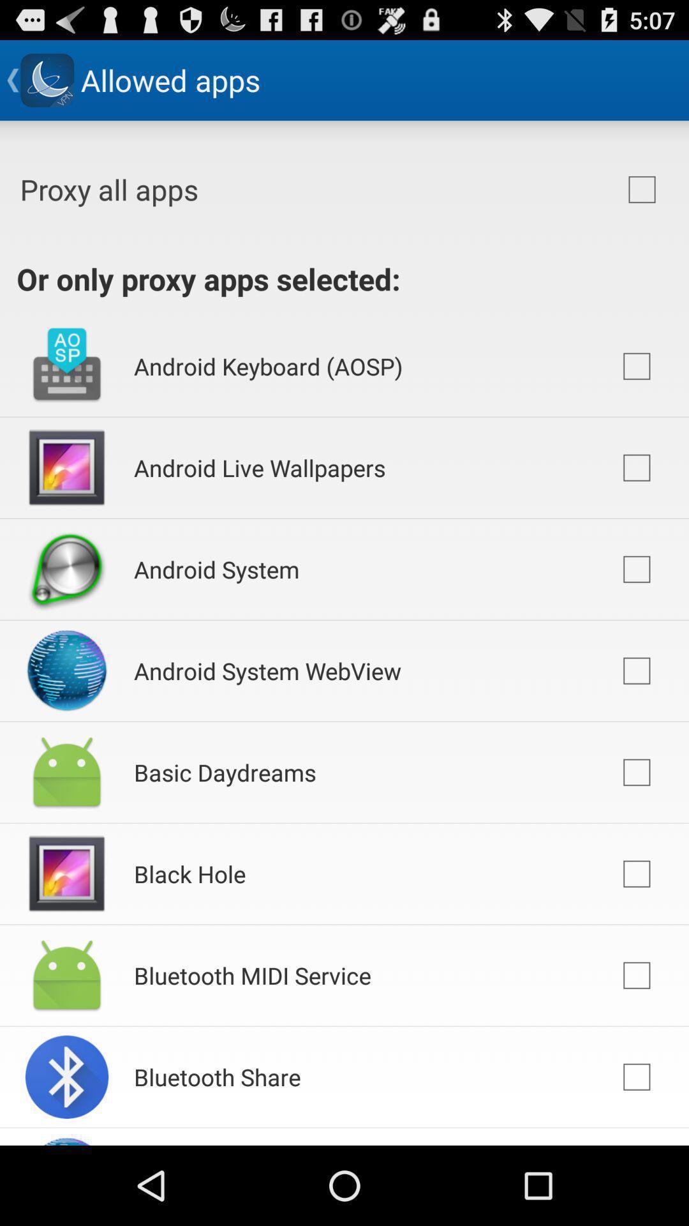 The height and width of the screenshot is (1226, 689). I want to click on android keyboard (aosp) app, so click(267, 365).